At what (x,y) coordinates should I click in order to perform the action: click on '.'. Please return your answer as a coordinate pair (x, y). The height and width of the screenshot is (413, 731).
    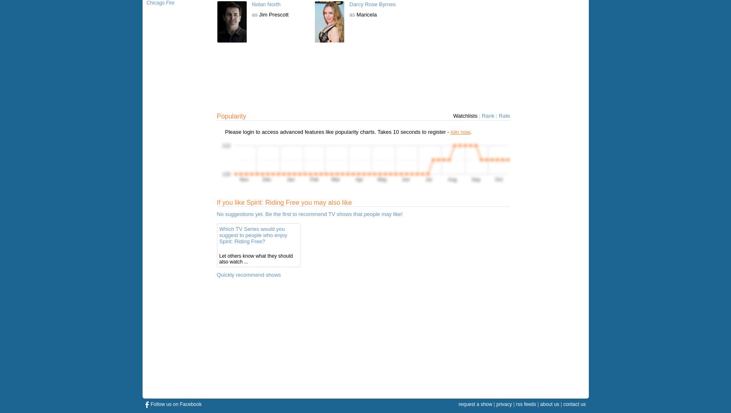
    Looking at the image, I should click on (470, 131).